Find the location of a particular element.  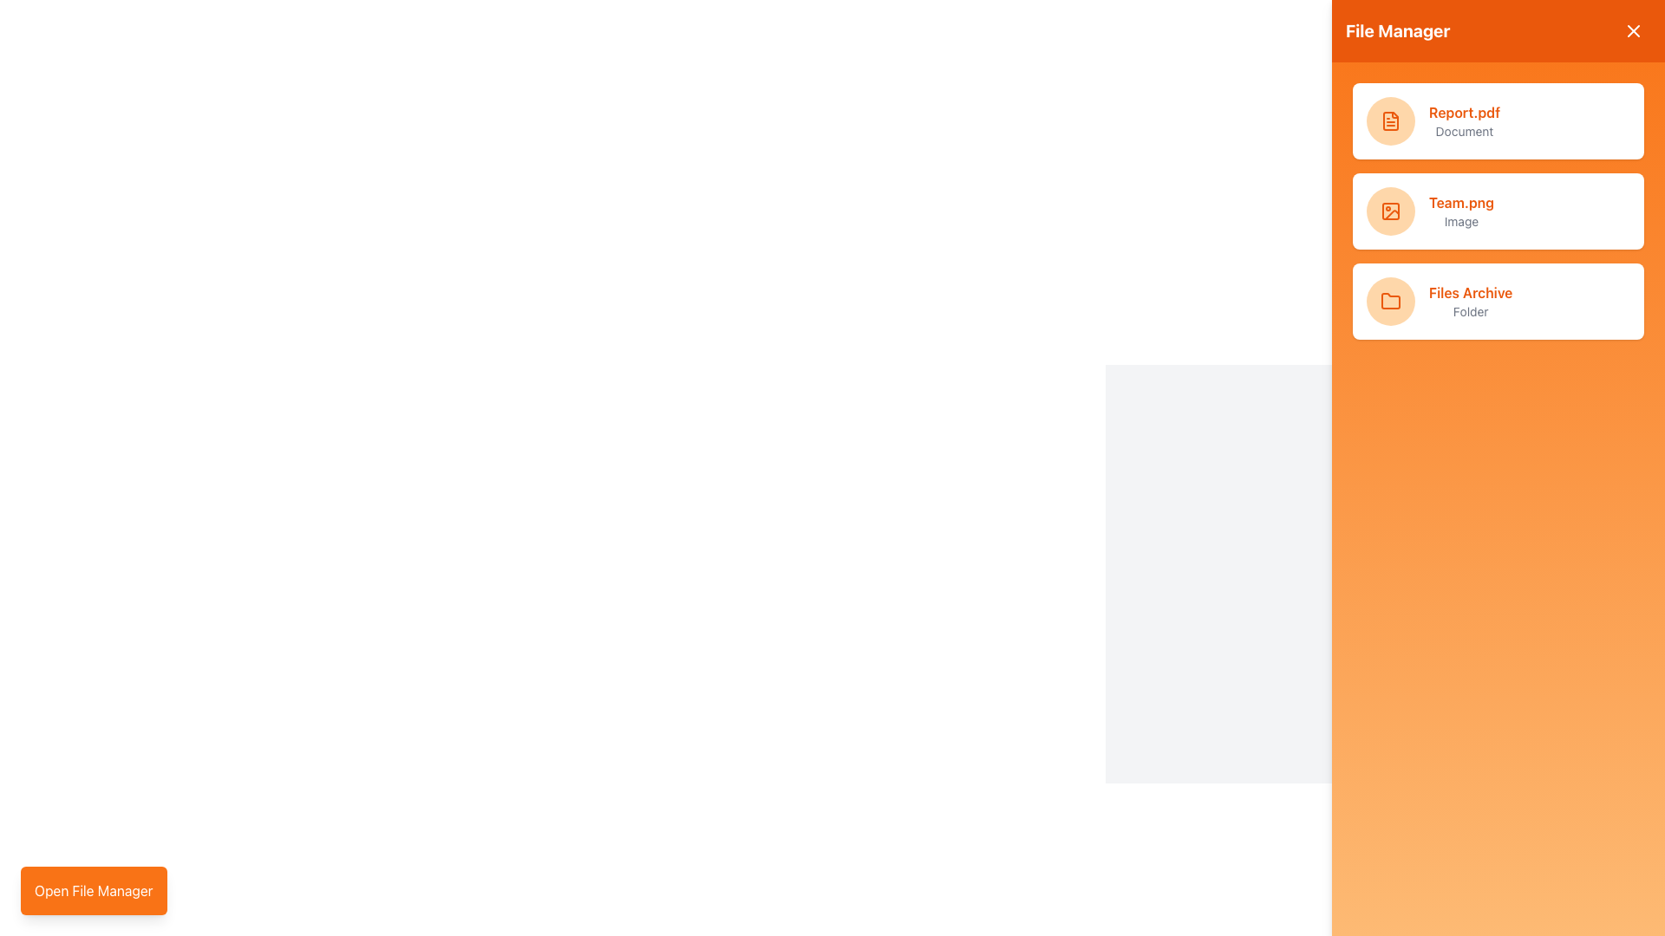

the orange icon representing an image, which is the middle item is located at coordinates (1390, 210).